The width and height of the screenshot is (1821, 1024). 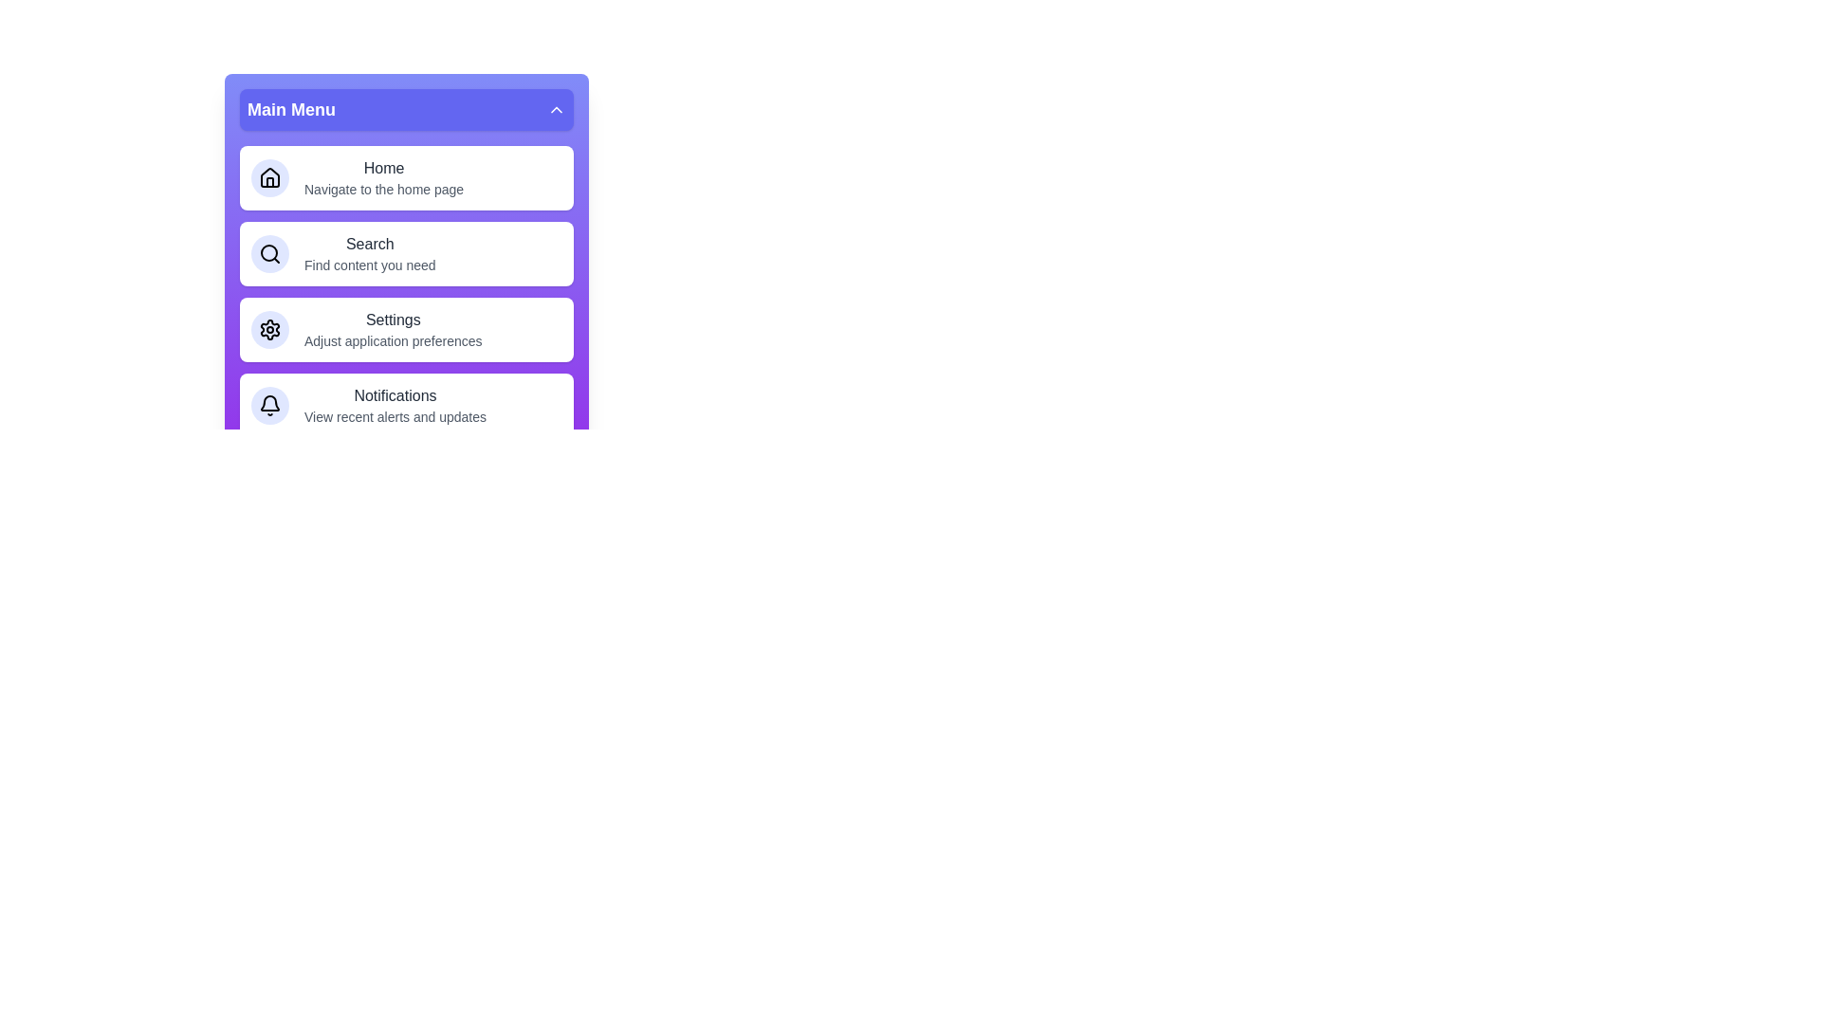 I want to click on the menu item labeled Settings to navigate, so click(x=405, y=328).